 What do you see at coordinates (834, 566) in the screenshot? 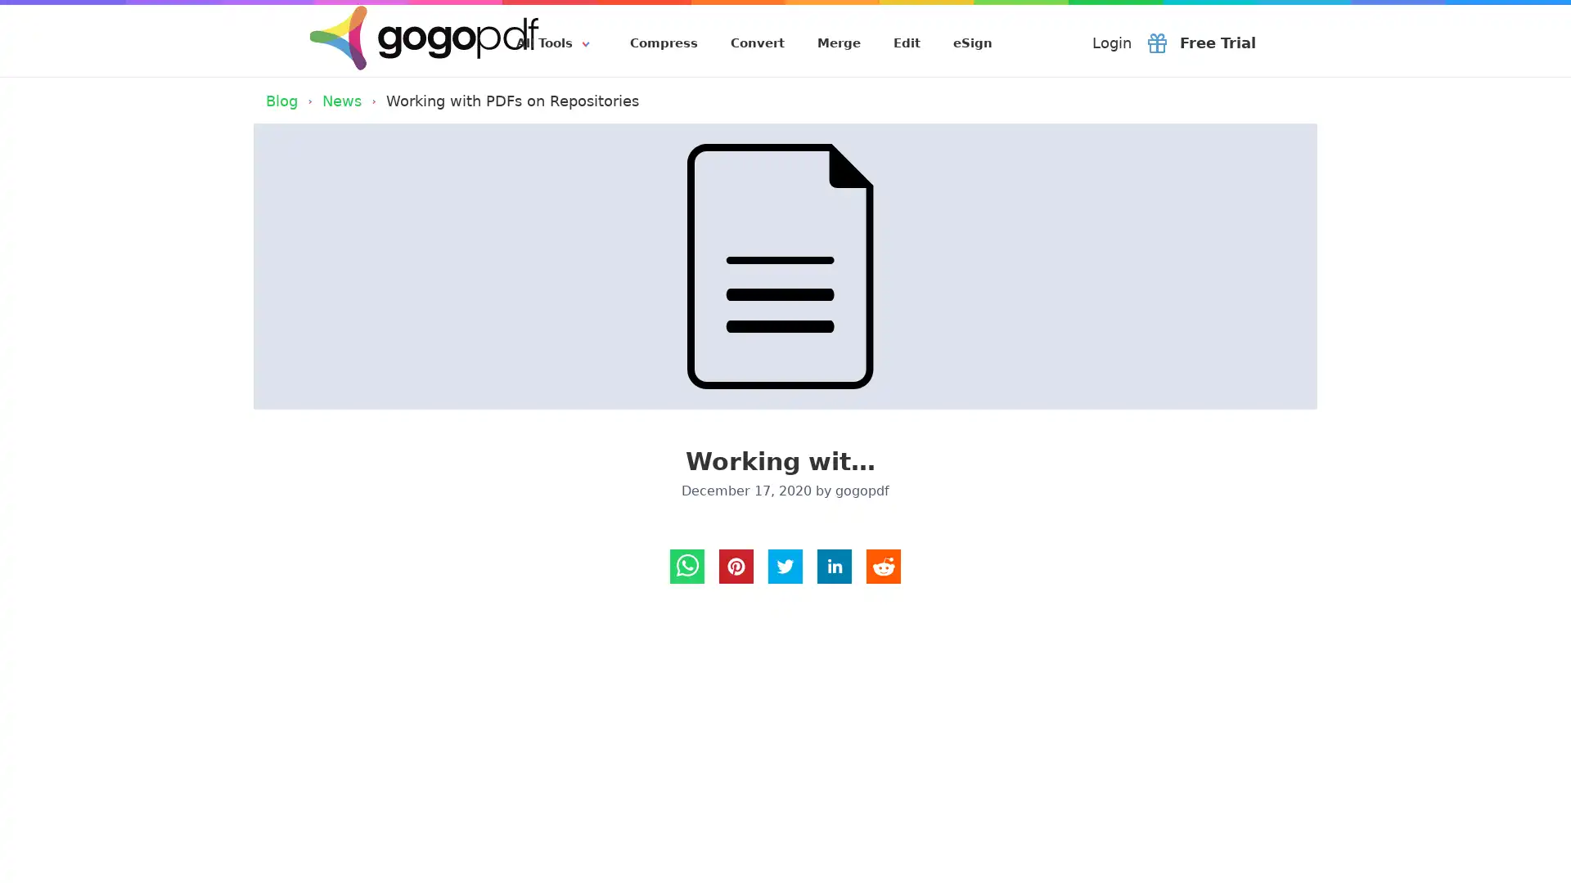
I see `linkedin` at bounding box center [834, 566].